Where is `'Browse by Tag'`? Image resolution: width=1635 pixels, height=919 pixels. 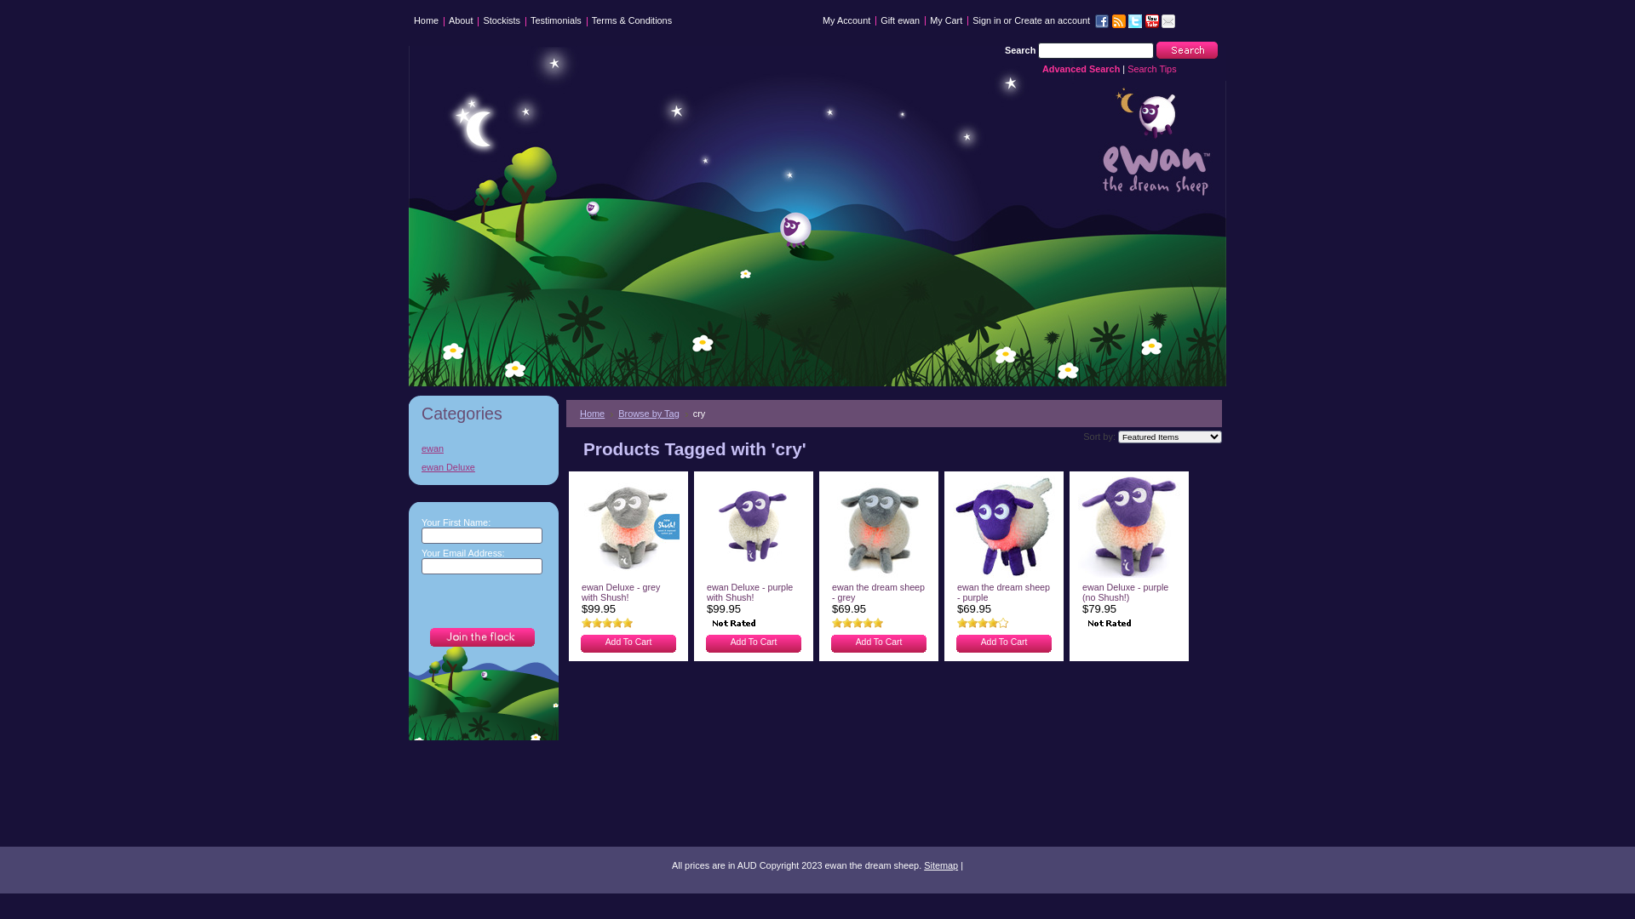 'Browse by Tag' is located at coordinates (652, 414).